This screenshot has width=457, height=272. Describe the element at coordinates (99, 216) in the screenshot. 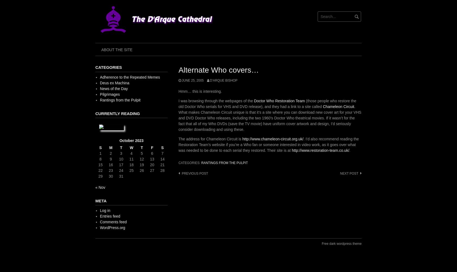

I see `'Entries feed'` at that location.